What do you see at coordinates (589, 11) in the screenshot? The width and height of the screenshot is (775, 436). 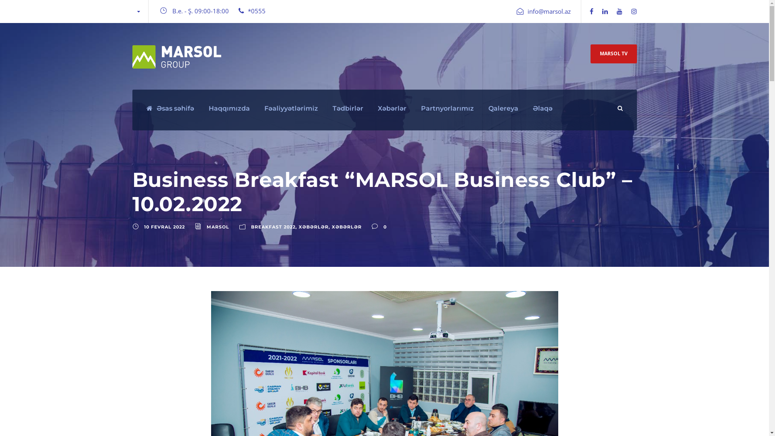 I see `'facebook'` at bounding box center [589, 11].